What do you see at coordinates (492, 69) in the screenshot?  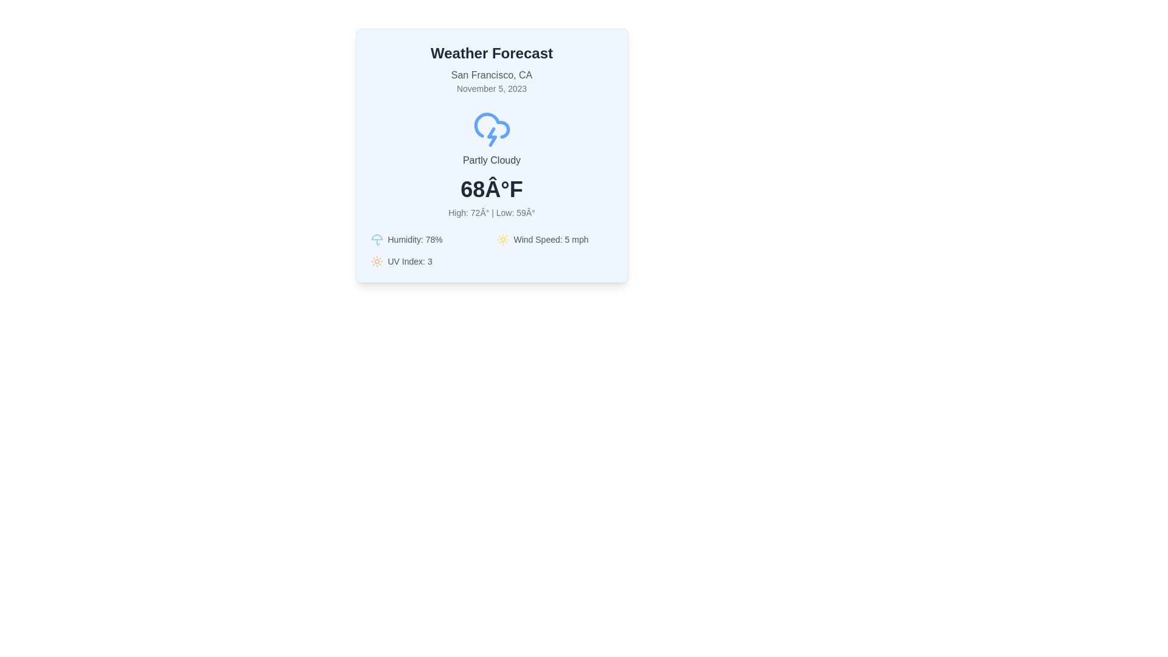 I see `the text in the centrally aligned section displaying 'Weather Forecast', 'San Francisco, CA', and 'November 5, 2023' by clicking and dragging` at bounding box center [492, 69].